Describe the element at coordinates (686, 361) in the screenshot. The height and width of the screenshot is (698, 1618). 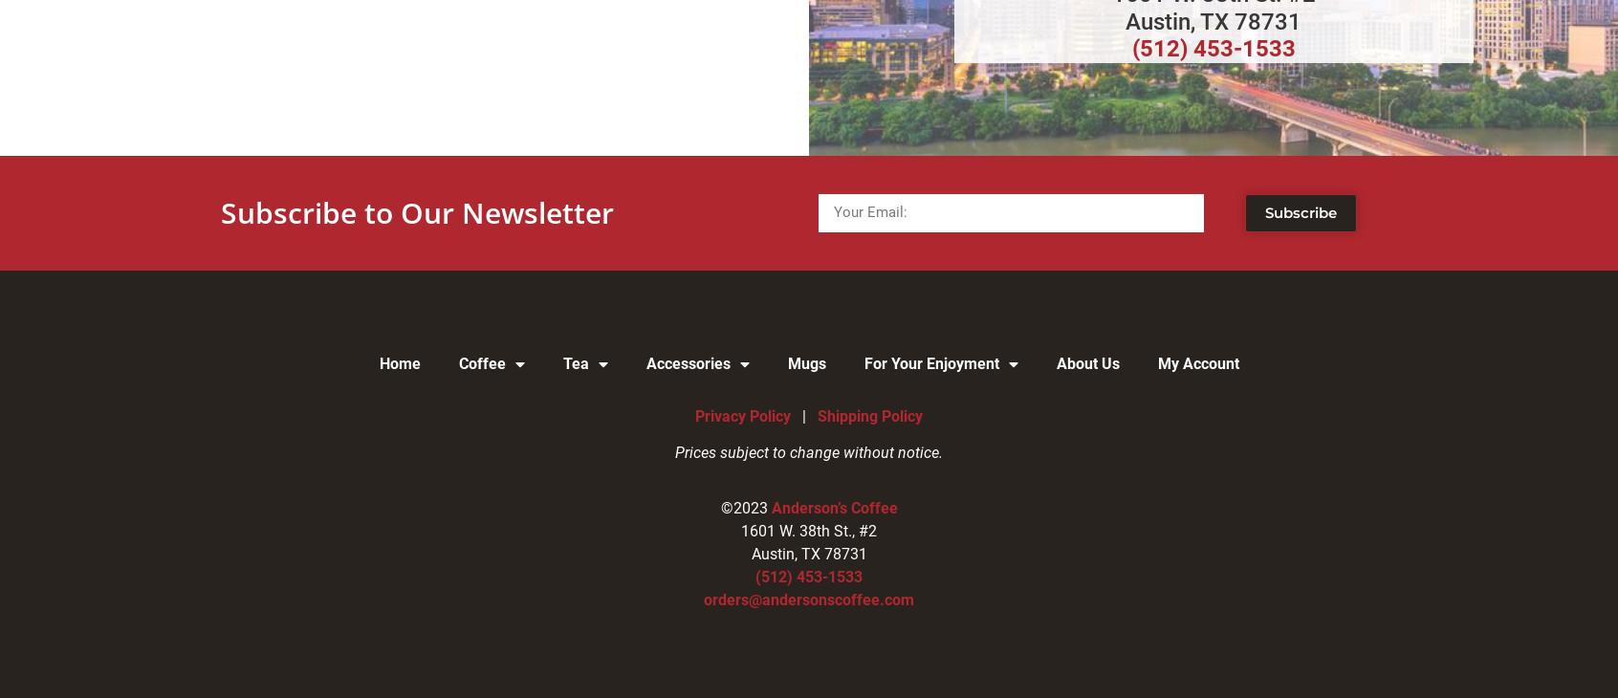
I see `'Accessories'` at that location.